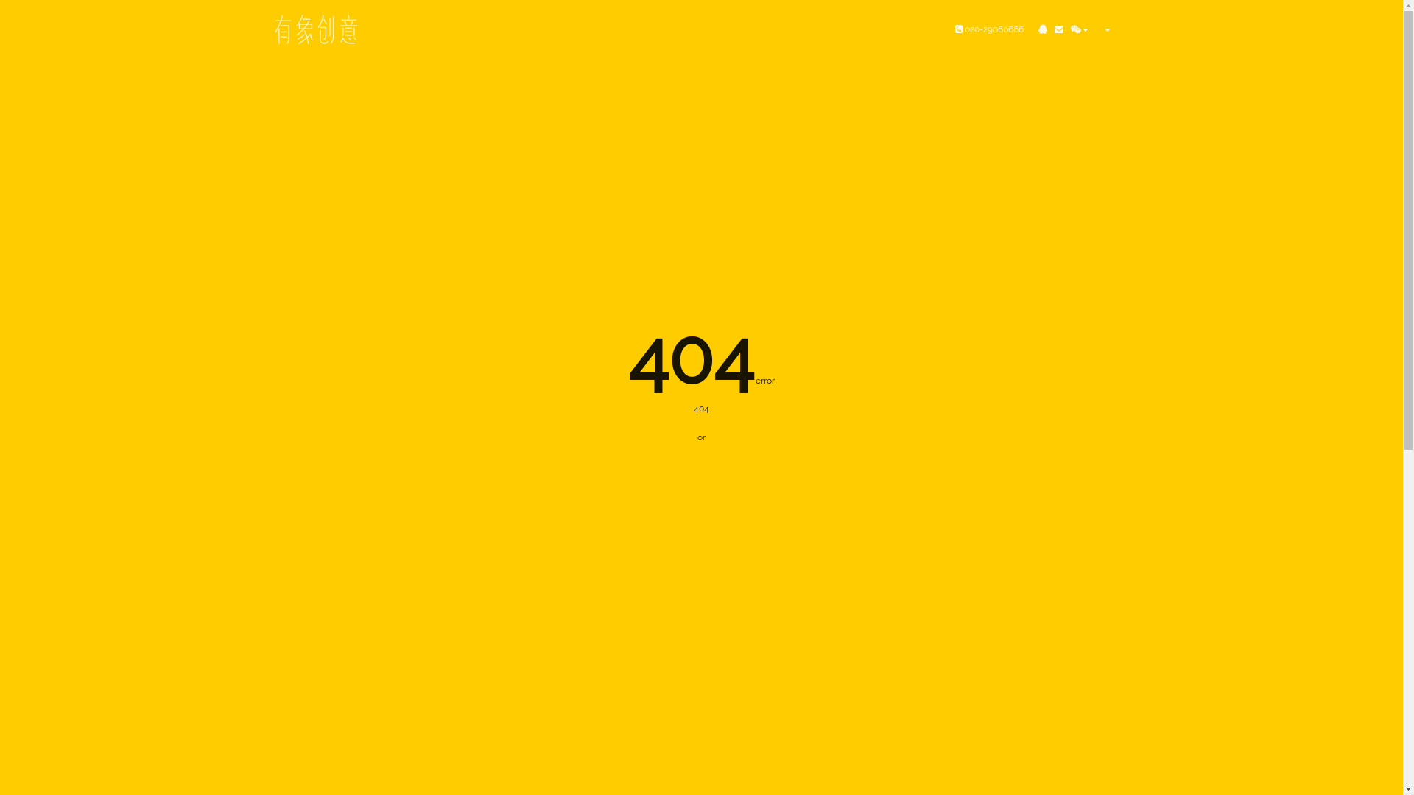  Describe the element at coordinates (989, 29) in the screenshot. I see `'0` at that location.